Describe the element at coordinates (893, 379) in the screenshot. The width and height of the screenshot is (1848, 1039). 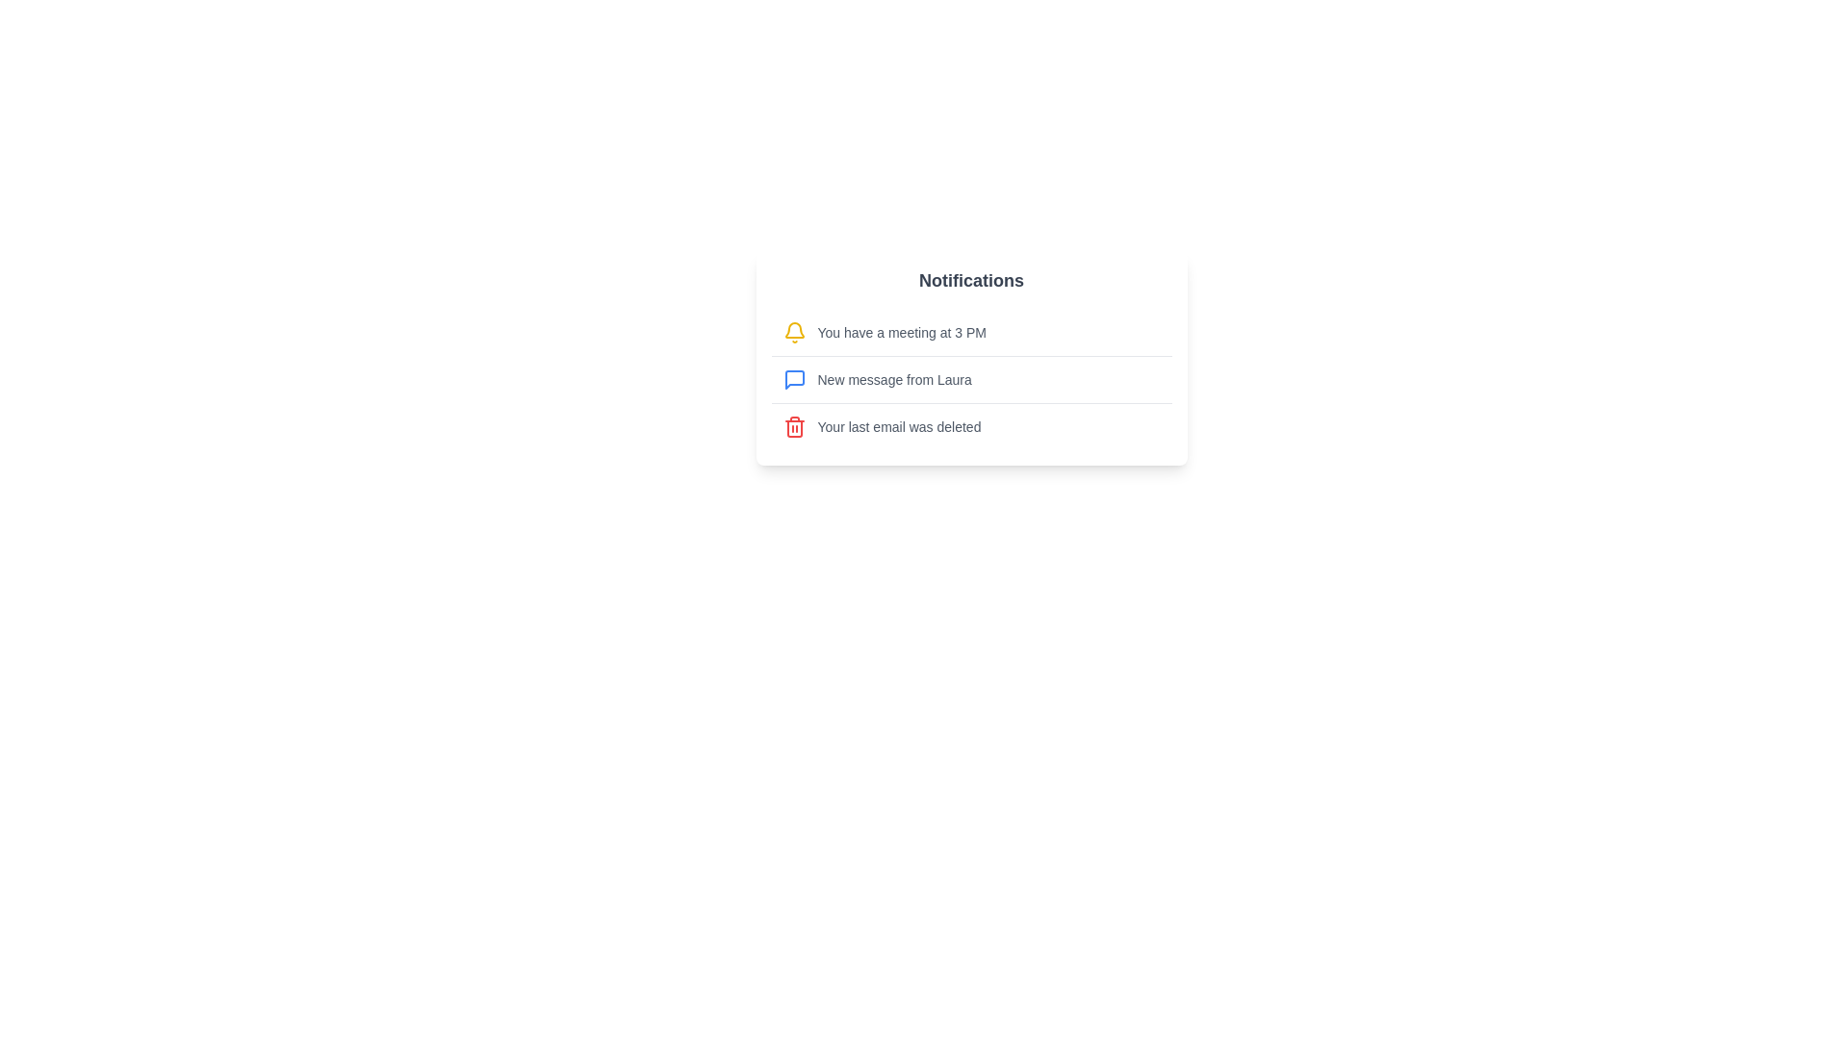
I see `the text label displaying 'New message from Laura', which is part of the second notification entry in the notification list, positioned next to a speech bubble icon` at that location.